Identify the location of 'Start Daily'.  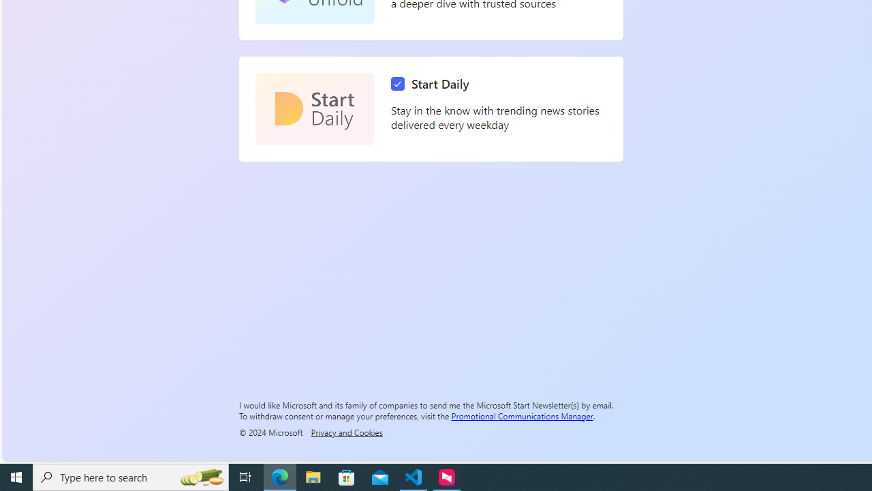
(314, 108).